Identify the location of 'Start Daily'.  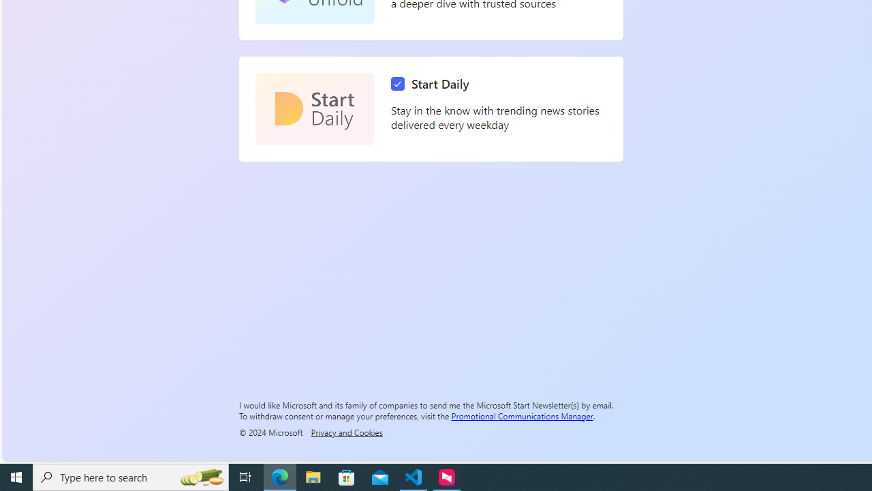
(314, 108).